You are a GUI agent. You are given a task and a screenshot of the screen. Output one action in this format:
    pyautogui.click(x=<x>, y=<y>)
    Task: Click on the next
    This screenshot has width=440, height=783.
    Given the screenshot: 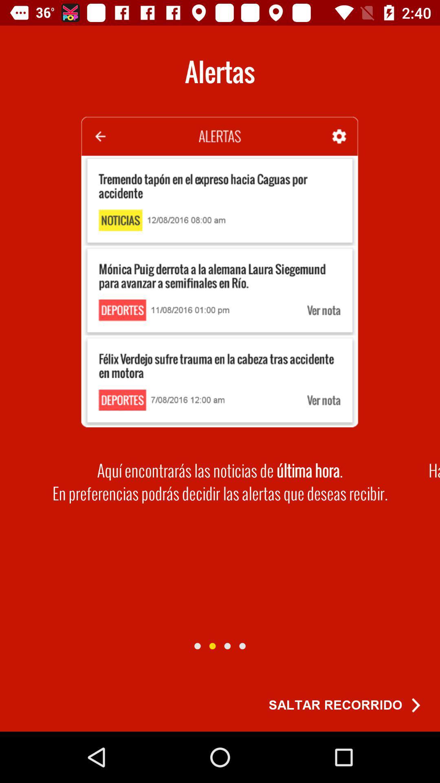 What is the action you would take?
    pyautogui.click(x=212, y=646)
    